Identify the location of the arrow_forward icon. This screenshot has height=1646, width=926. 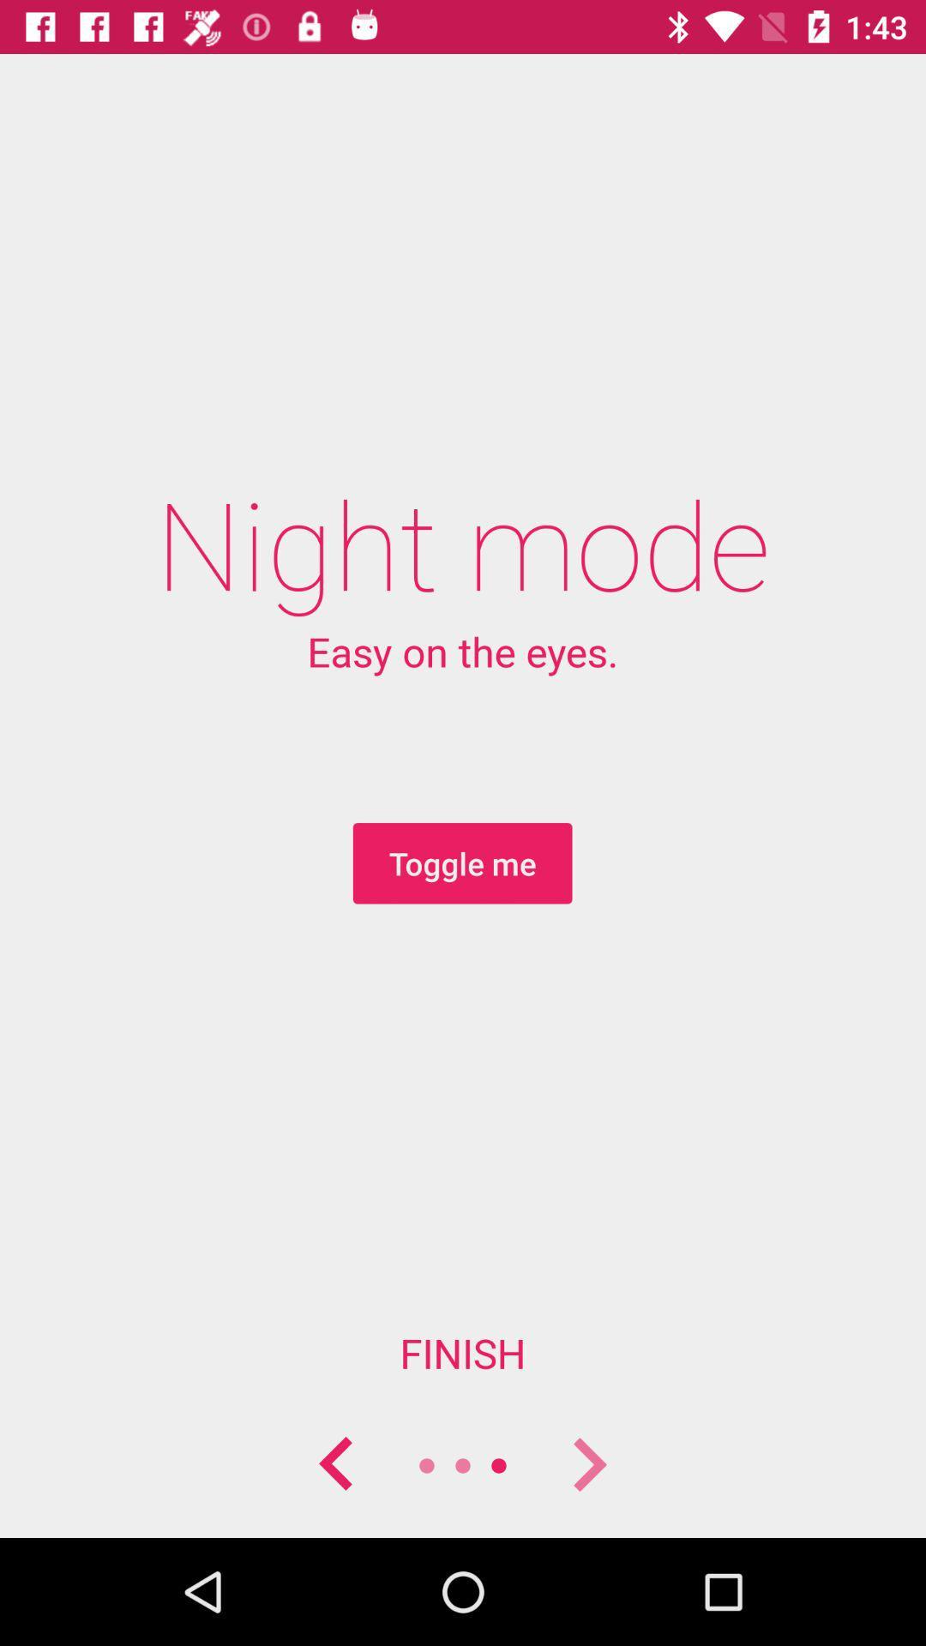
(587, 1464).